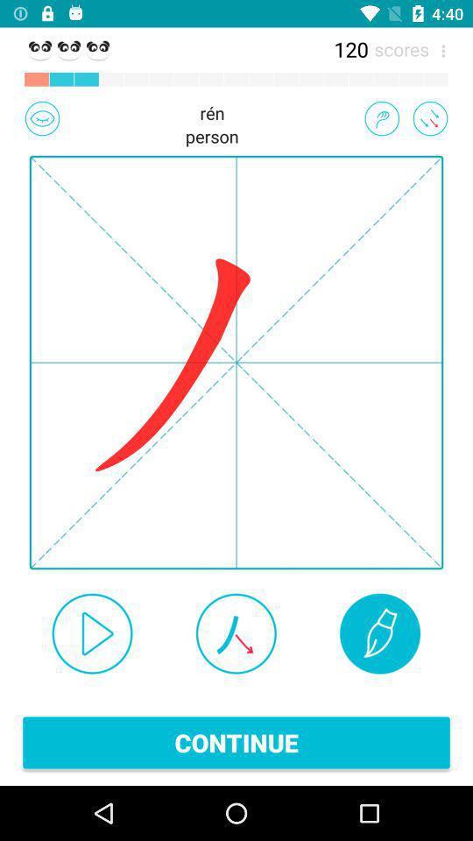 The width and height of the screenshot is (473, 841). I want to click on continue item, so click(236, 741).